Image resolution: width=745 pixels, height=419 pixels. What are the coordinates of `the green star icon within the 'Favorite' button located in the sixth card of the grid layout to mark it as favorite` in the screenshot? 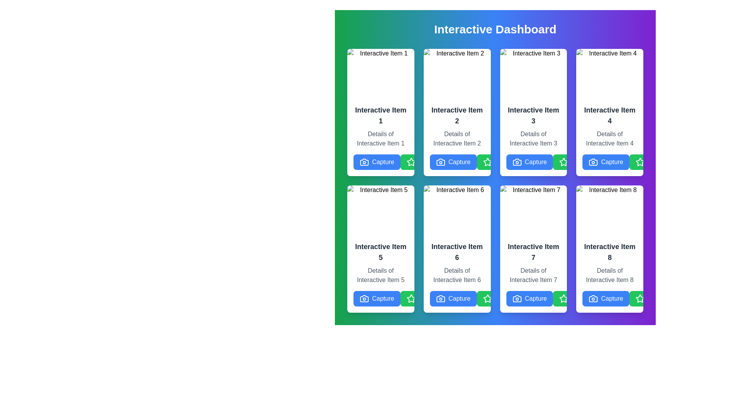 It's located at (487, 298).